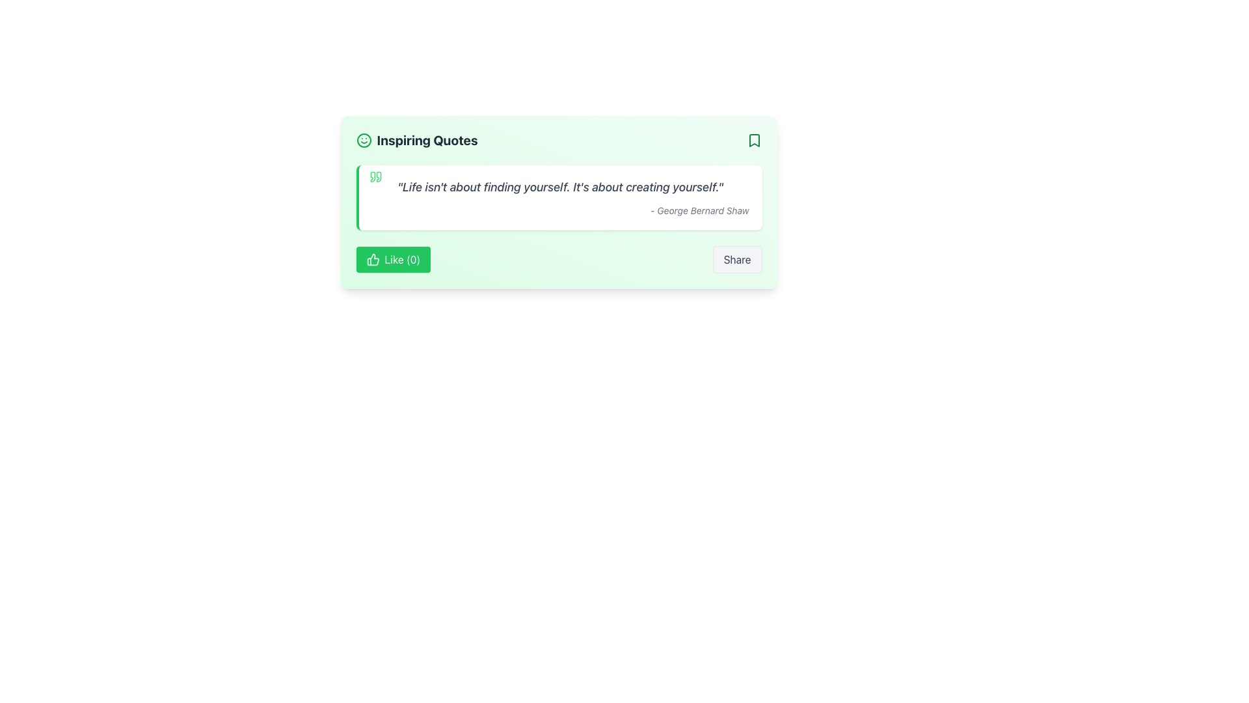 This screenshot has width=1249, height=703. What do you see at coordinates (392, 259) in the screenshot?
I see `the like button located at the bottom left of the quote card` at bounding box center [392, 259].